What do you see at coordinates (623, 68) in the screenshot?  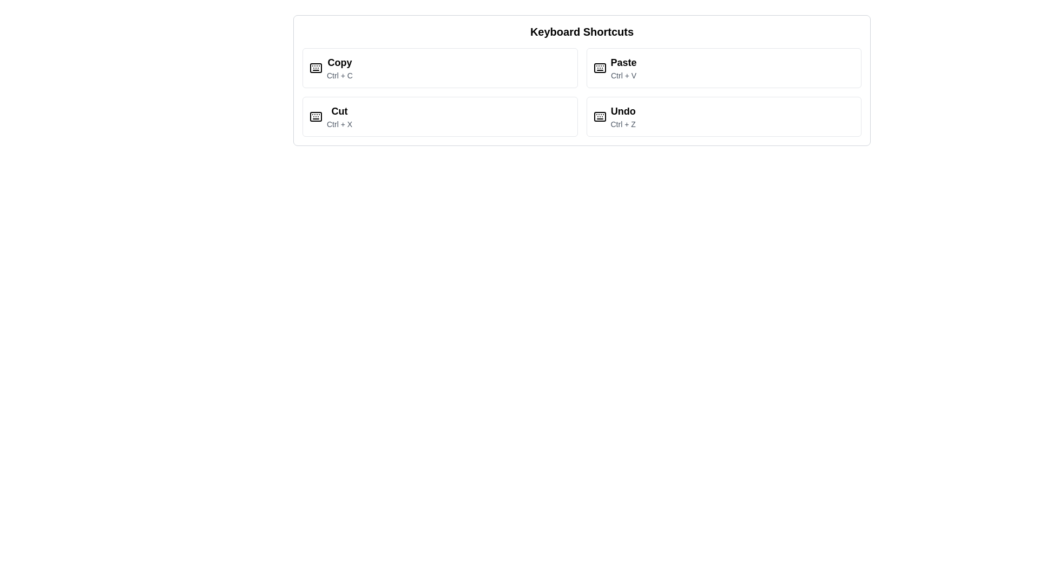 I see `the informational list item that describes the keyboard shortcut for 'Paste', located at the top-right corner of the shortcut grid, adjacent to 'Copy' on its left` at bounding box center [623, 68].